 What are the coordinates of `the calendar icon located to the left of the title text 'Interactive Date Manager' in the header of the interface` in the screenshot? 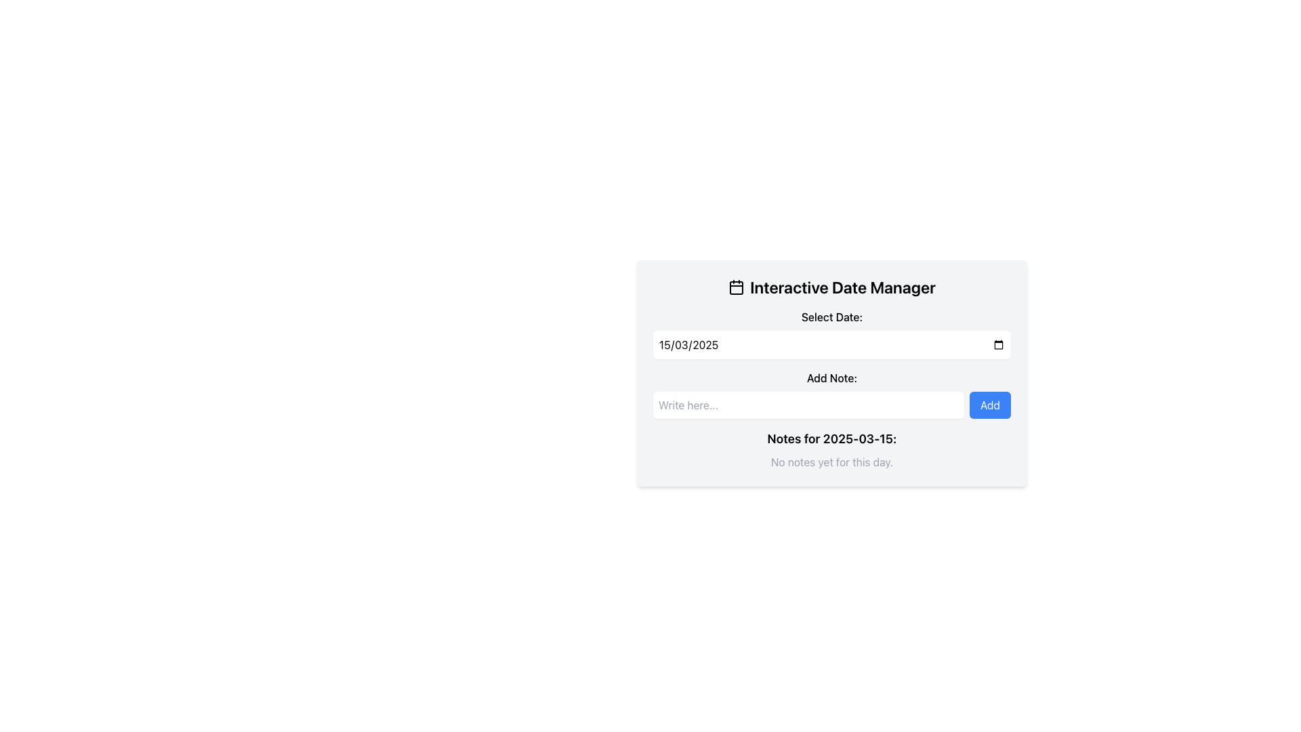 It's located at (736, 287).